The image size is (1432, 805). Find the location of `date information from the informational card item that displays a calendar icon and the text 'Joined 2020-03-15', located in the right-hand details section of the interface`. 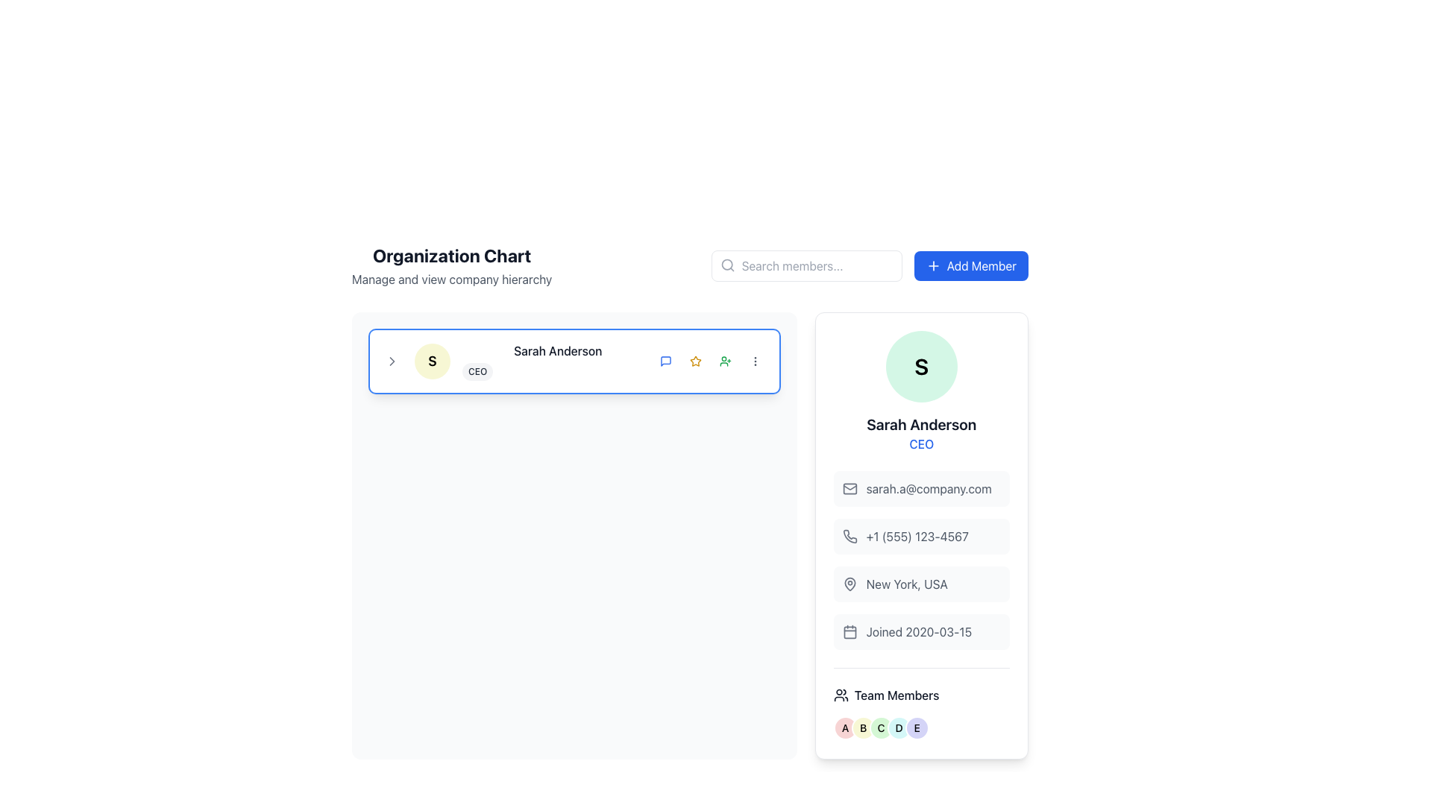

date information from the informational card item that displays a calendar icon and the text 'Joined 2020-03-15', located in the right-hand details section of the interface is located at coordinates (920, 632).